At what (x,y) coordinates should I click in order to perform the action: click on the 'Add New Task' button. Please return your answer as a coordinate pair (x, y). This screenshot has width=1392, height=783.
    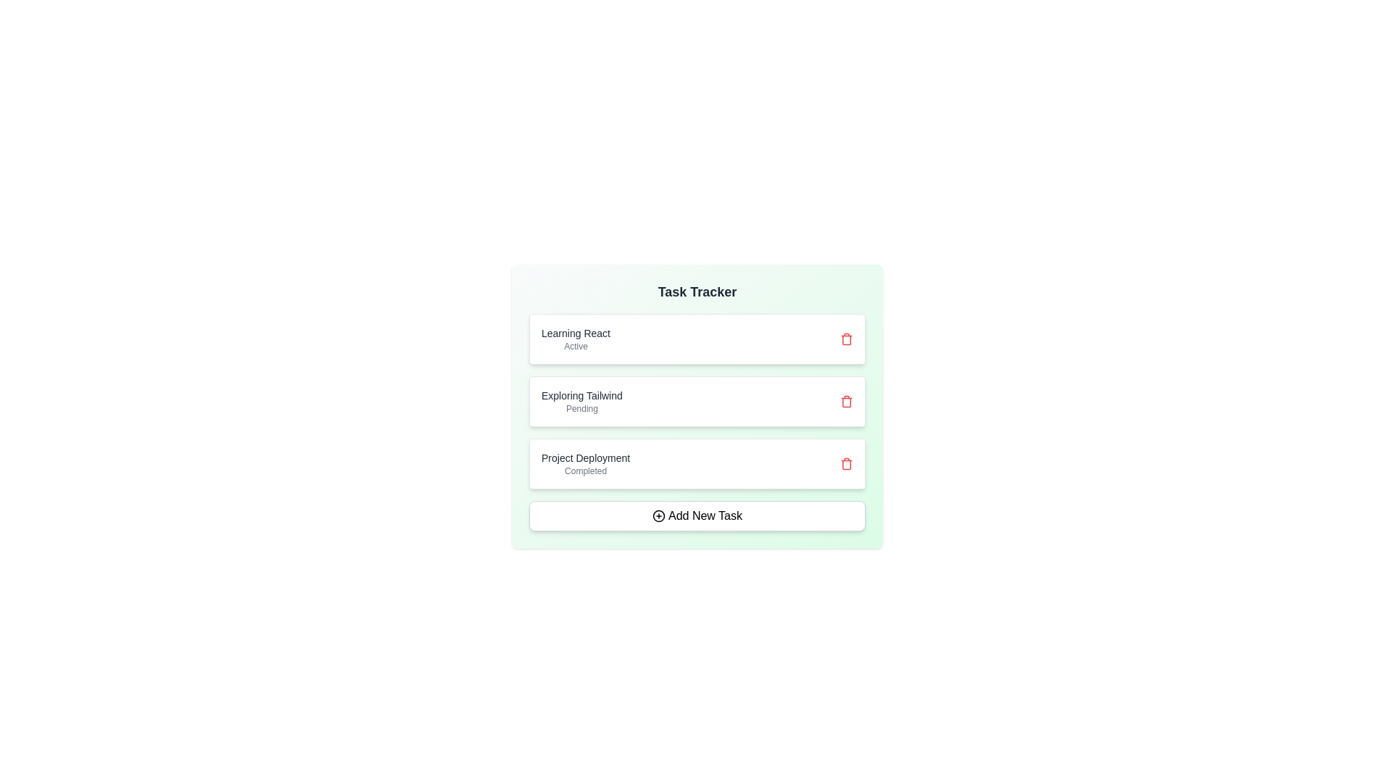
    Looking at the image, I should click on (697, 515).